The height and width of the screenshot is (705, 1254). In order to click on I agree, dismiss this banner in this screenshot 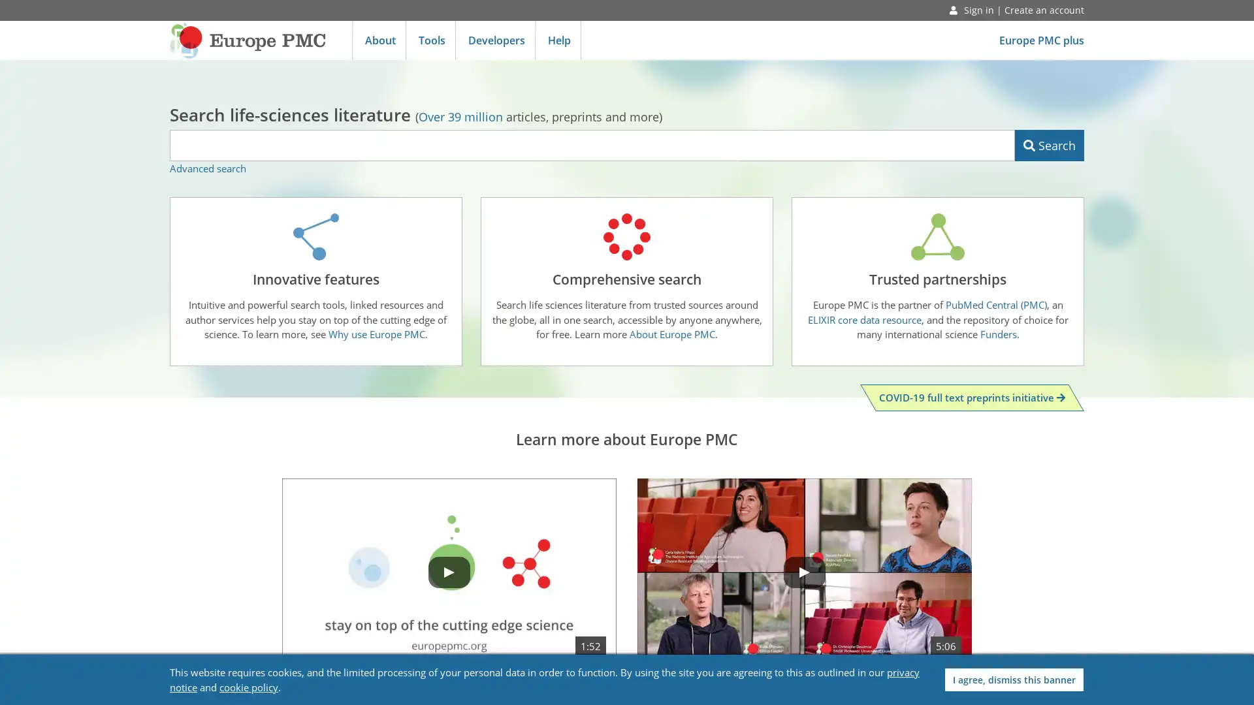, I will do `click(1014, 679)`.